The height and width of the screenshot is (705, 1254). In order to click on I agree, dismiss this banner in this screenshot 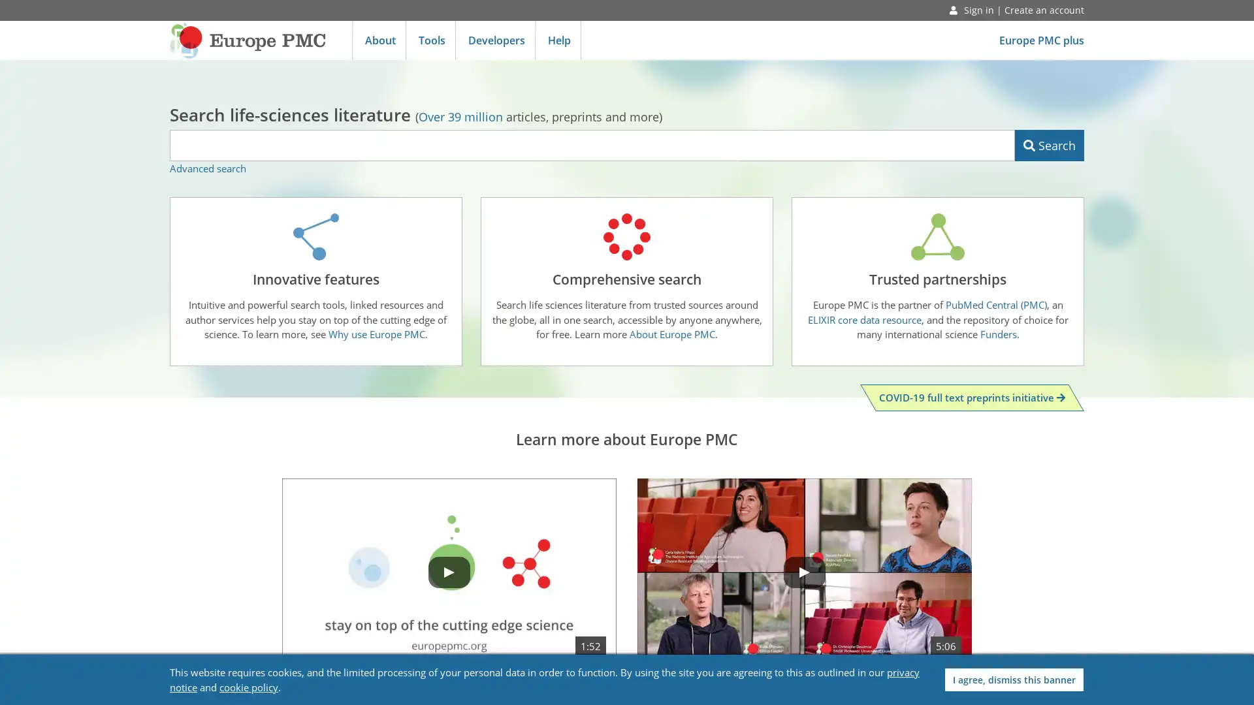, I will do `click(1014, 679)`.